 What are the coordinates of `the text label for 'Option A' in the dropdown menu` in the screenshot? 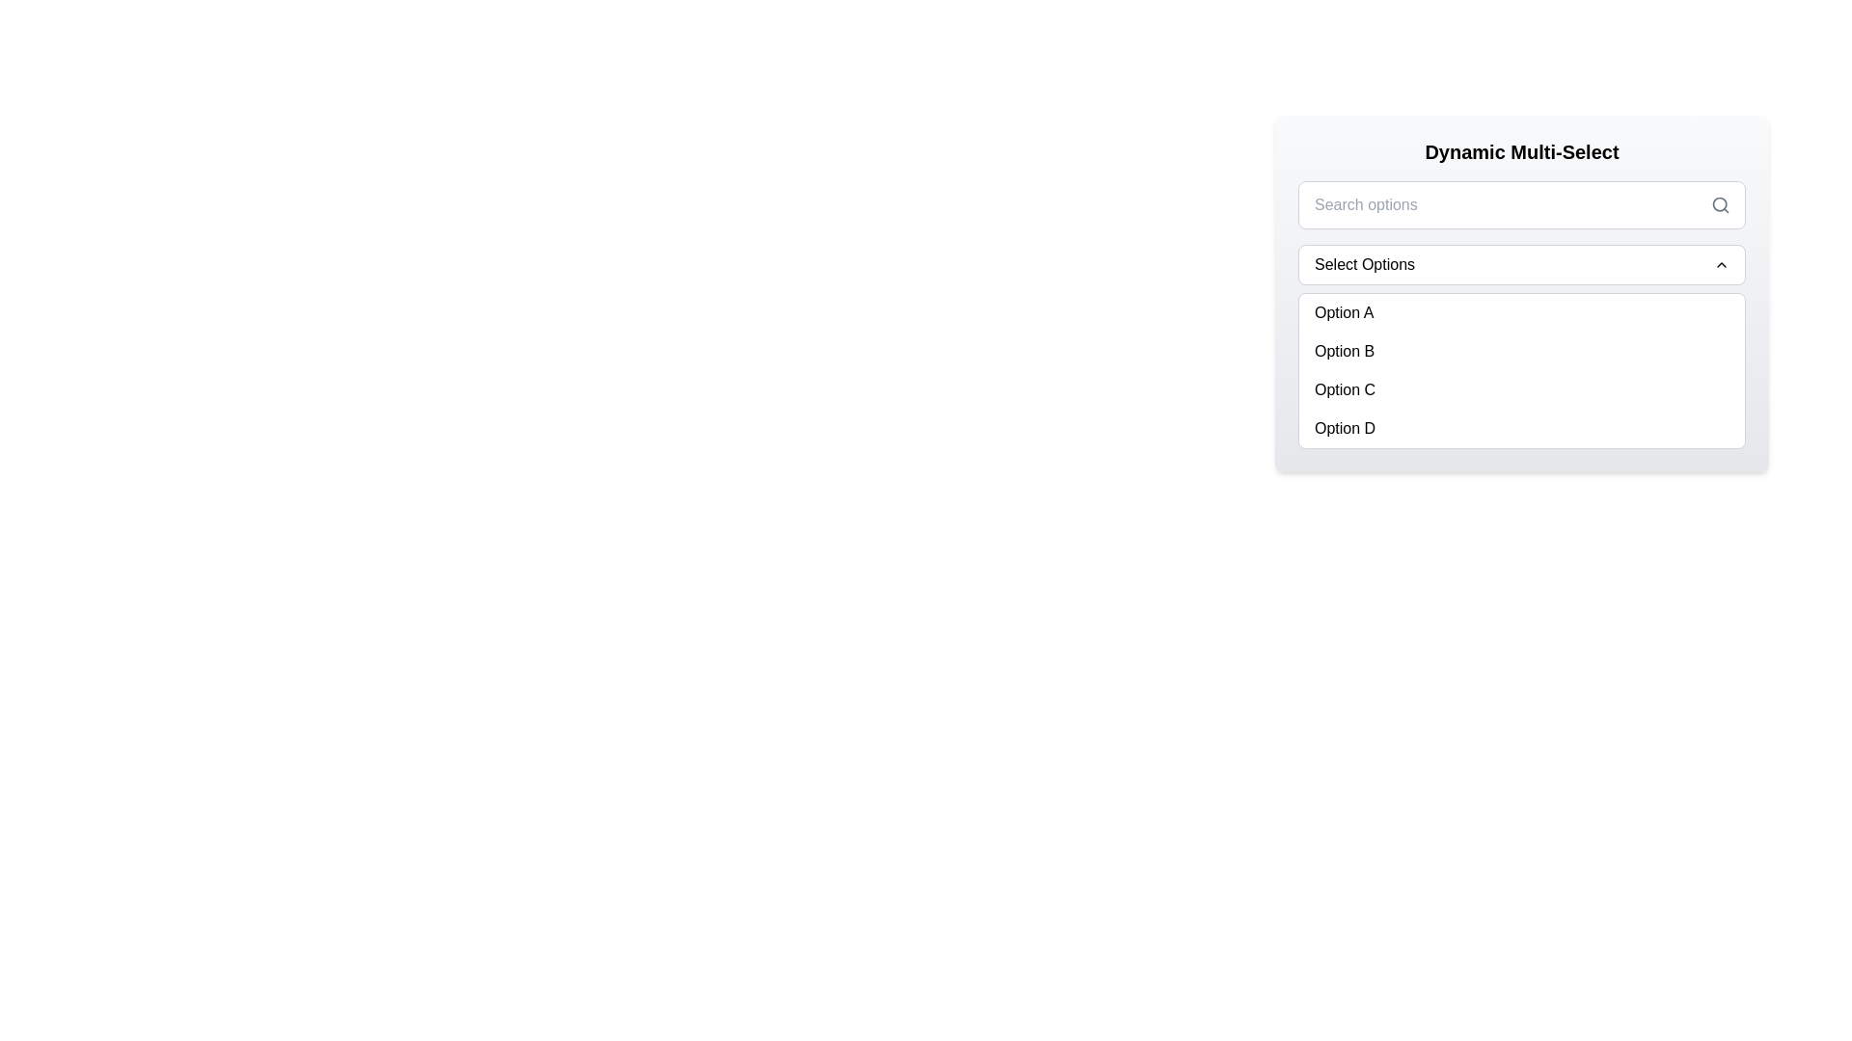 It's located at (1343, 311).